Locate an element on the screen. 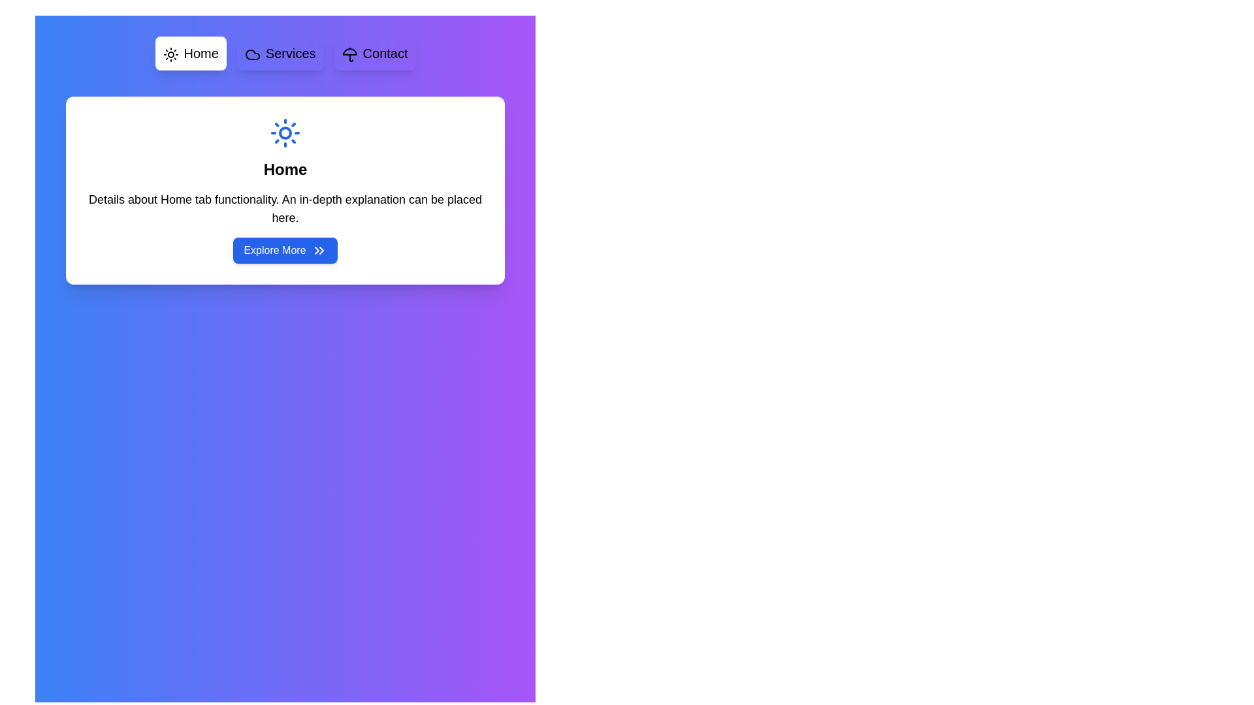  the button labeled 'Contact' which contains an icon resembling an umbrella, located towards the right in the top navigation bar is located at coordinates (349, 54).